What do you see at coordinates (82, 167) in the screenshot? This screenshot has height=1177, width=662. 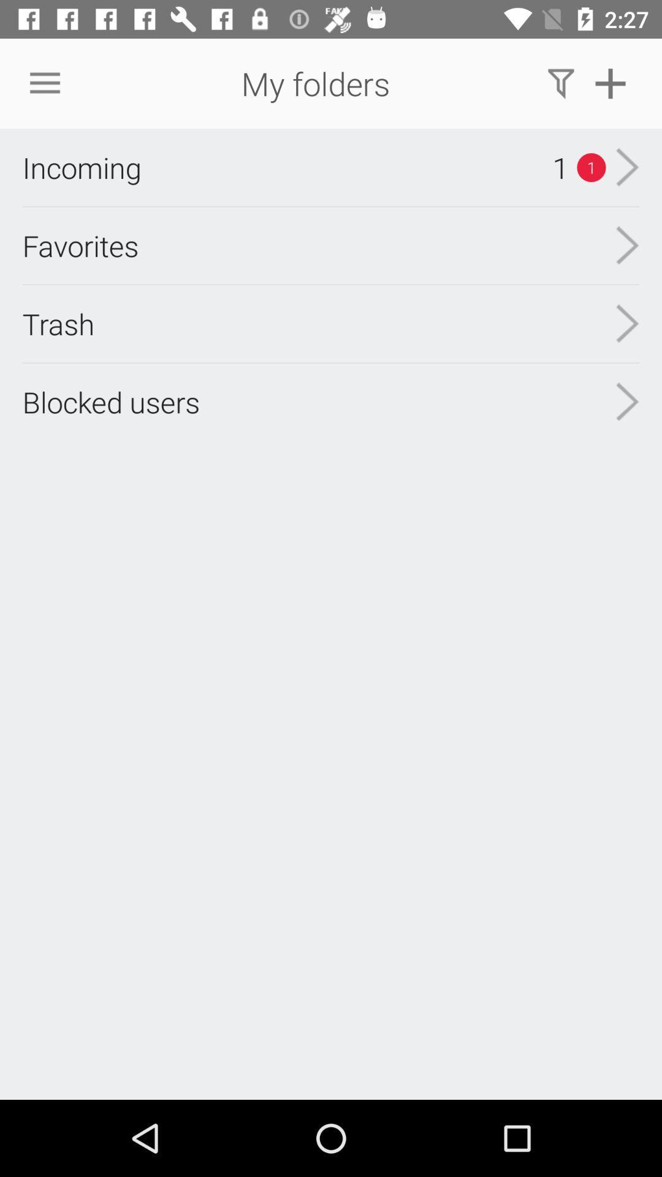 I see `the incoming` at bounding box center [82, 167].